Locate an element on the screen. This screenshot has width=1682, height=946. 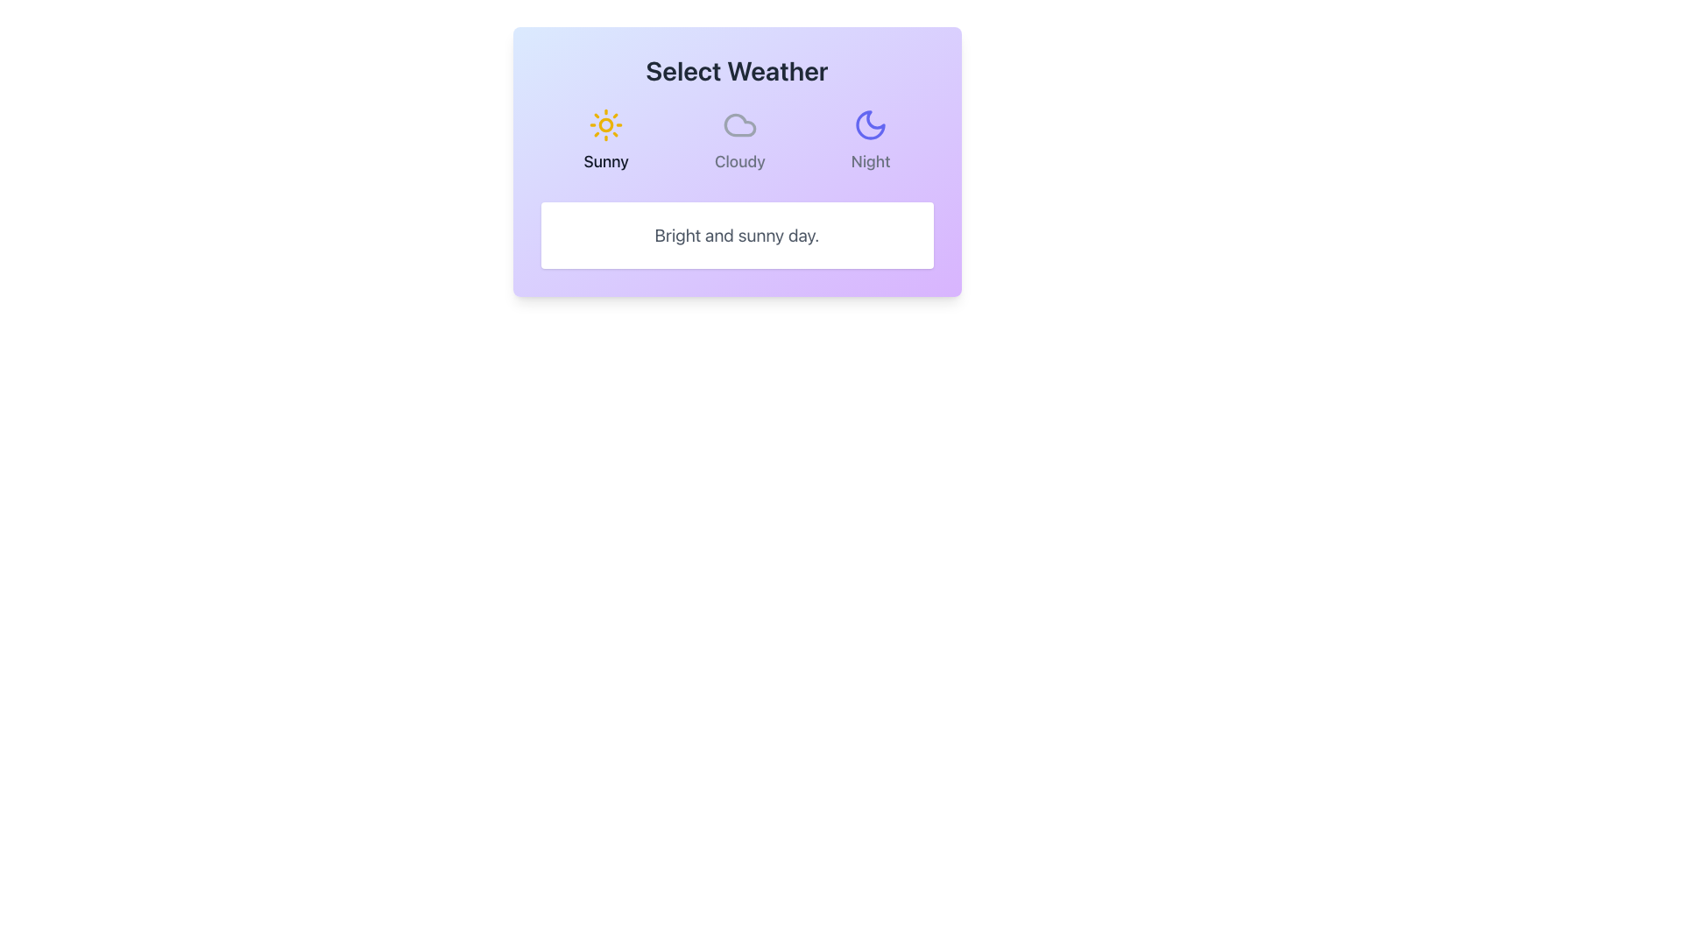
the 'Sunny' weather condition label, which is positioned below the sun icon in the weather selection interface is located at coordinates (606, 162).